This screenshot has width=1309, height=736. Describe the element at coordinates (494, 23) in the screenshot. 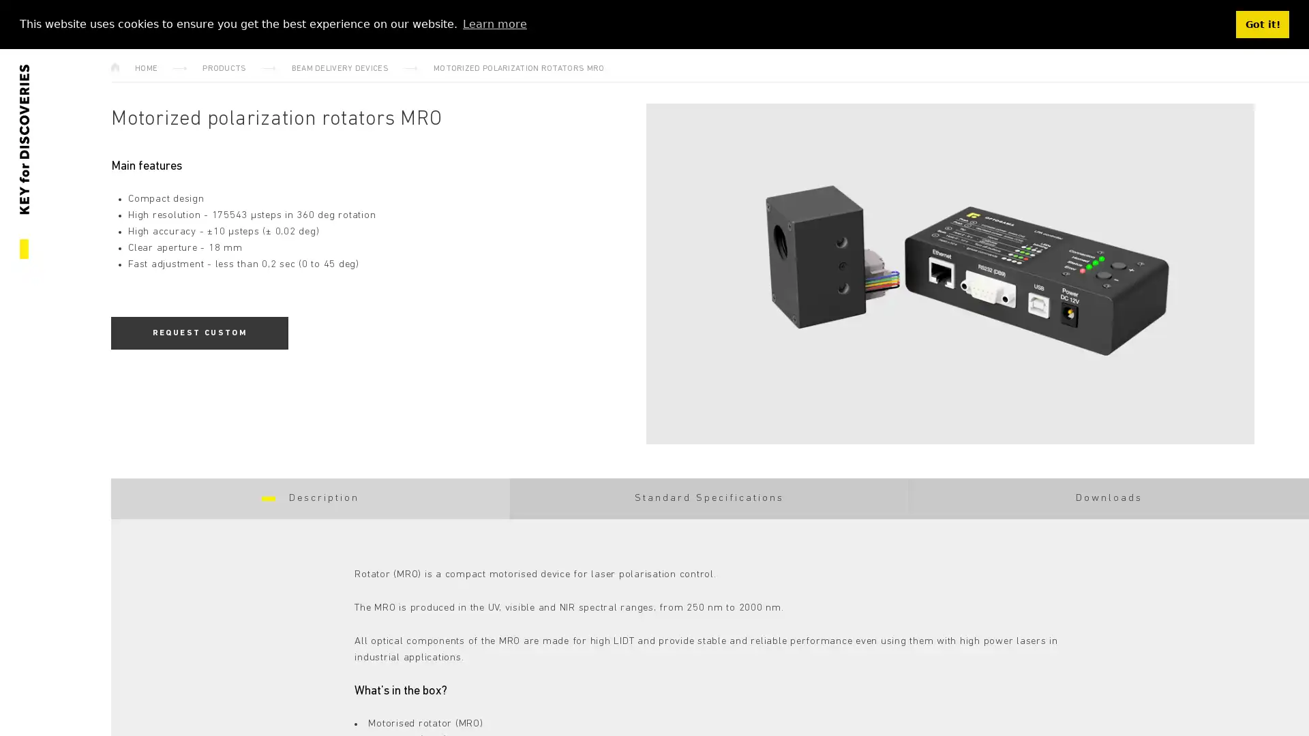

I see `learn more about cookies` at that location.